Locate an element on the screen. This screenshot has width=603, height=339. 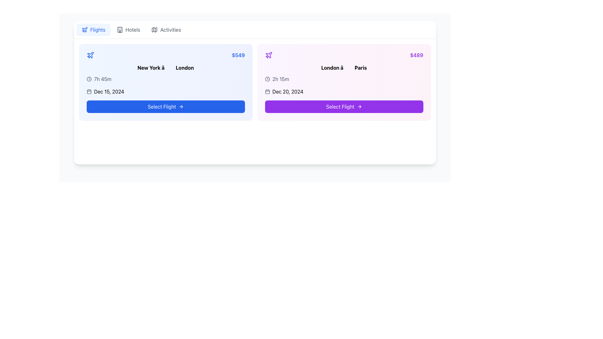
the 'Select Flight' button located within a blue rectangular button on the left side of the interface, which is enhanced visually by the decorative icon to its right is located at coordinates (181, 106).